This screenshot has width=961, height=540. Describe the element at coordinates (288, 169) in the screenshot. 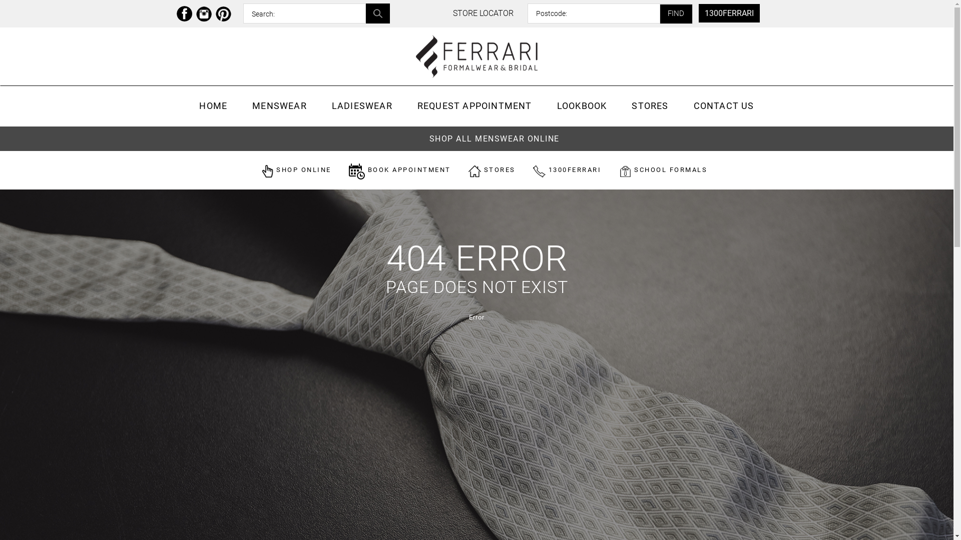

I see `'SHOP ONLINE'` at that location.